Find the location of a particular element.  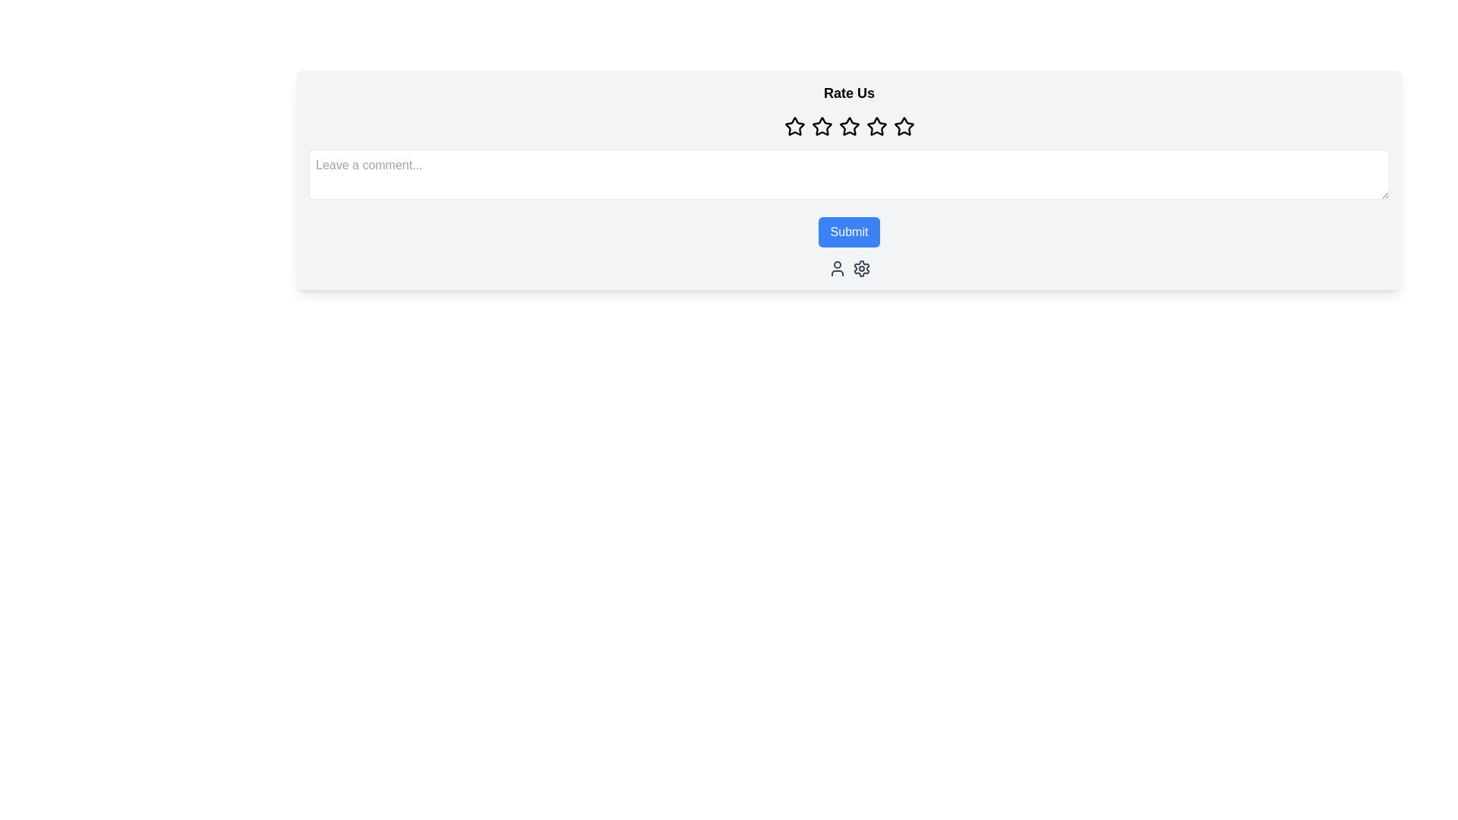

the second star icon in the horizontal sequence of five identical stars under the 'Rate Us' heading to rate it is located at coordinates (821, 125).